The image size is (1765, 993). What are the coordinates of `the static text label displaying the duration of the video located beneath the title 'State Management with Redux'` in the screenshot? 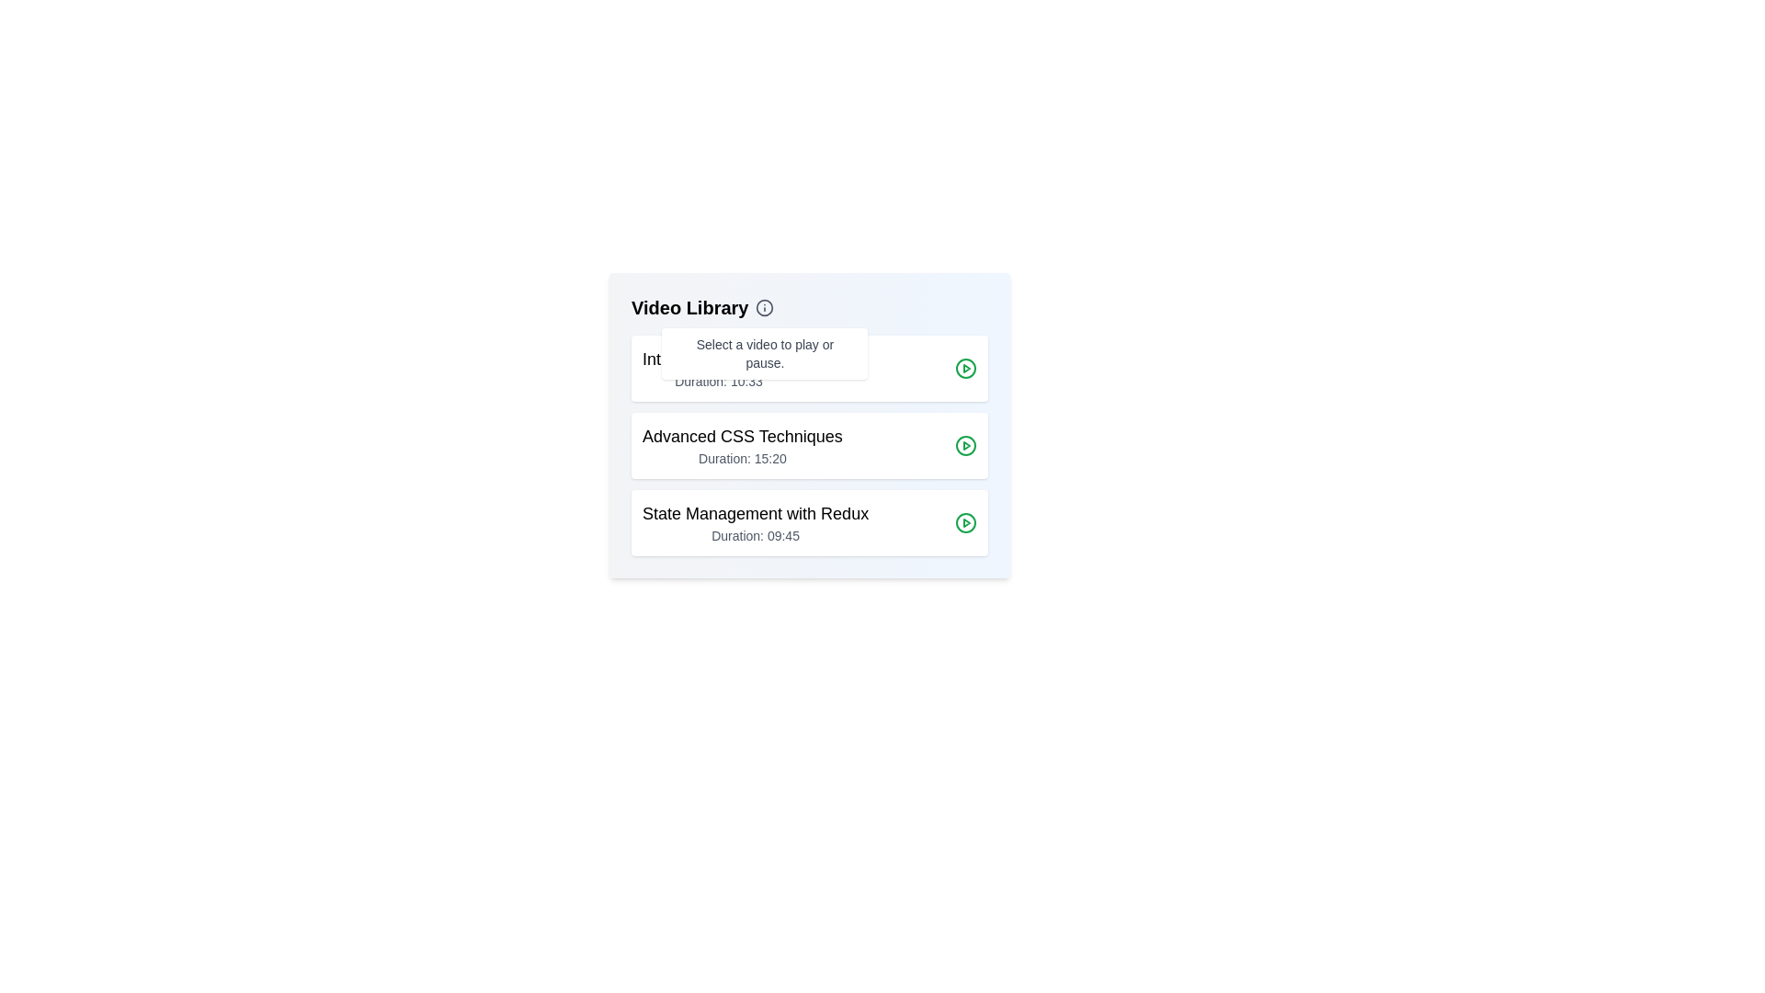 It's located at (756, 535).